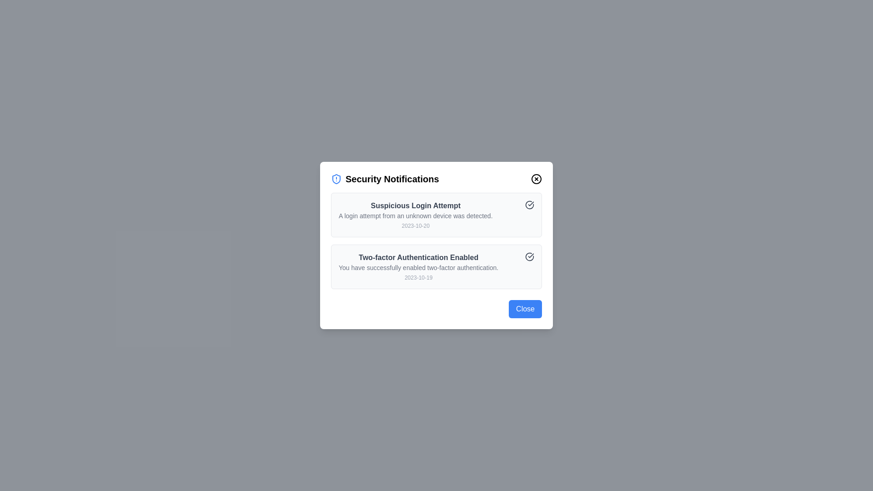 This screenshot has width=873, height=491. I want to click on the 'Close' button, a rectangular button with rounded corners in vibrant blue, so click(525, 308).